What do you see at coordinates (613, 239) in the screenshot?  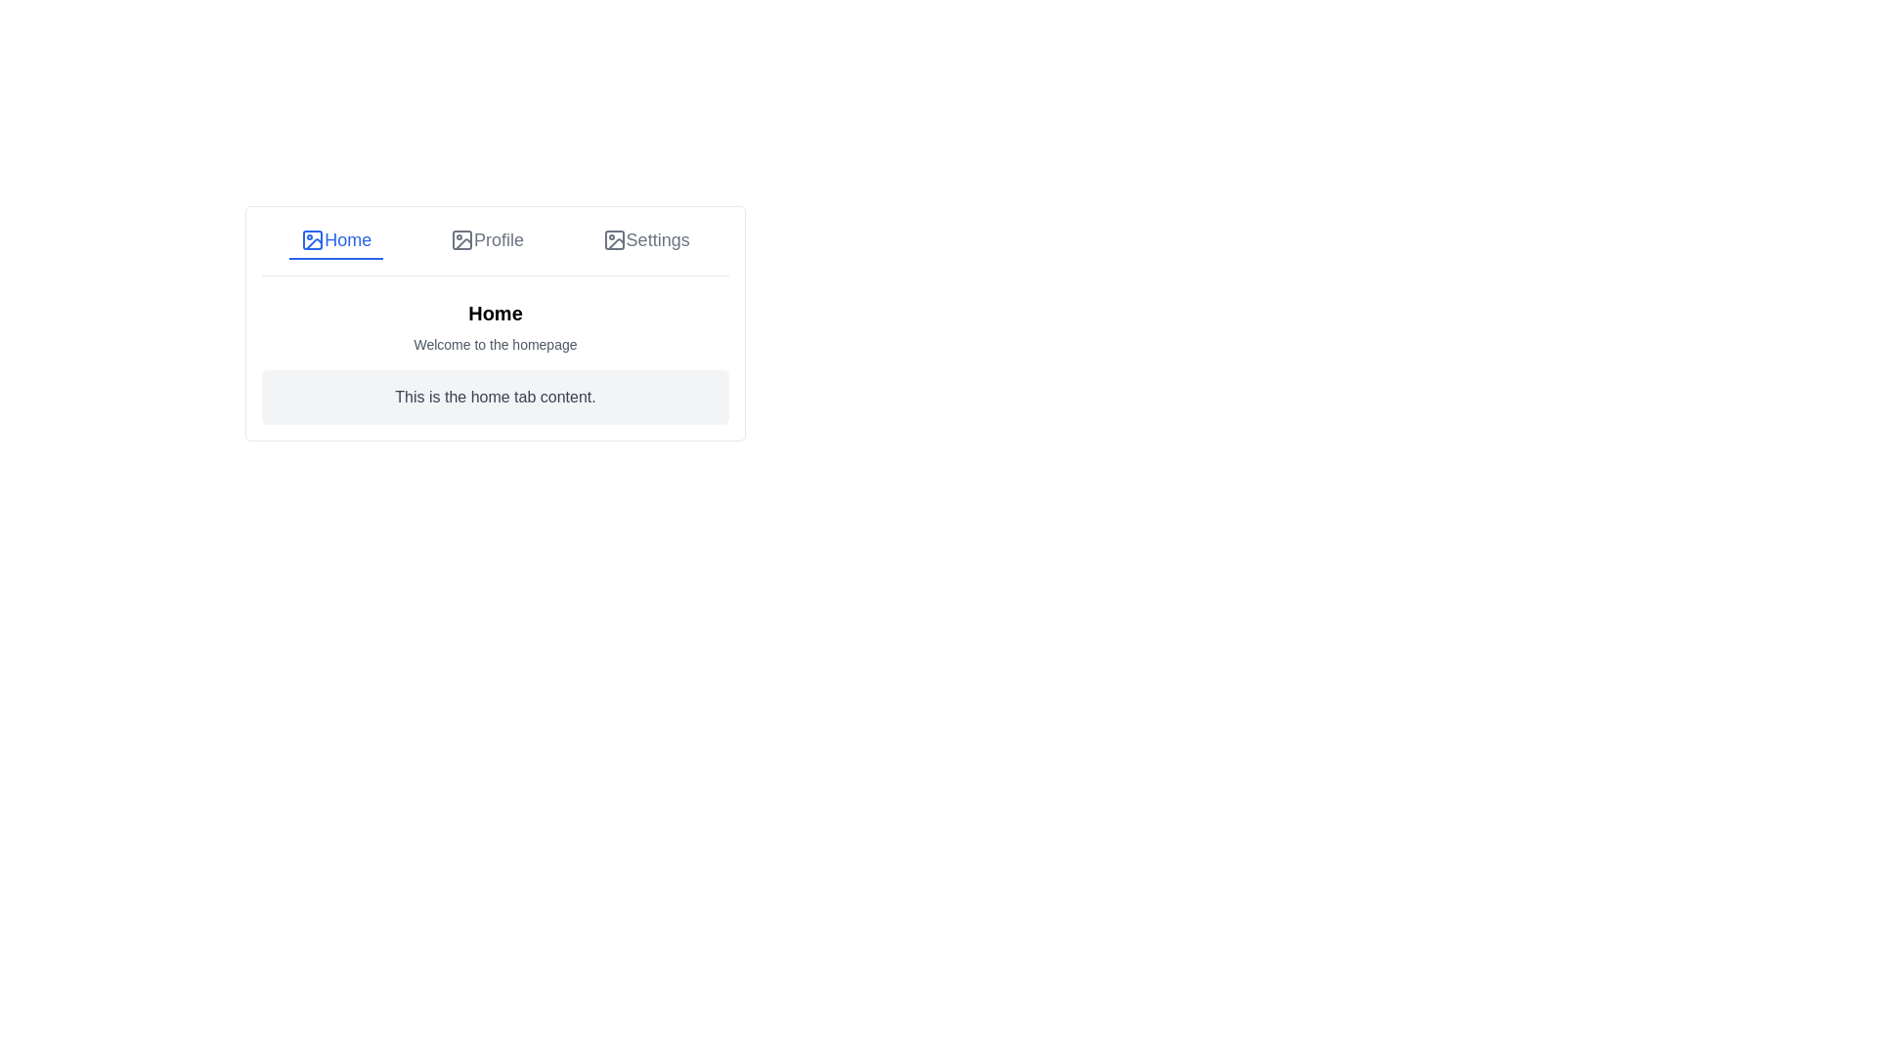 I see `the small rectangular shape with rounded corners that represents the base of the SVG icon in the 'Settings' tab on the rightmost side of the tab bar` at bounding box center [613, 239].